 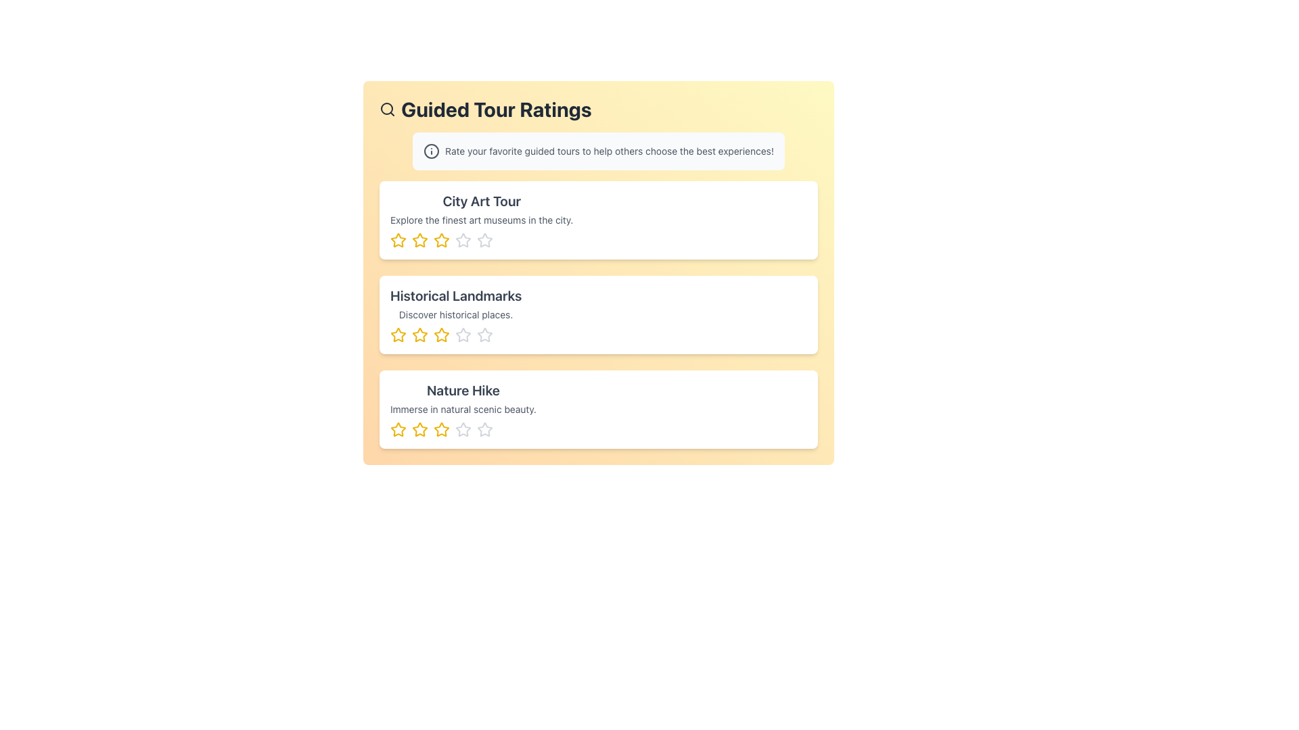 I want to click on the text label that says 'Immerse in natural scenic beauty.' styled in gray font, located under the 'Nature Hike' section and above the star rating section, so click(x=463, y=408).